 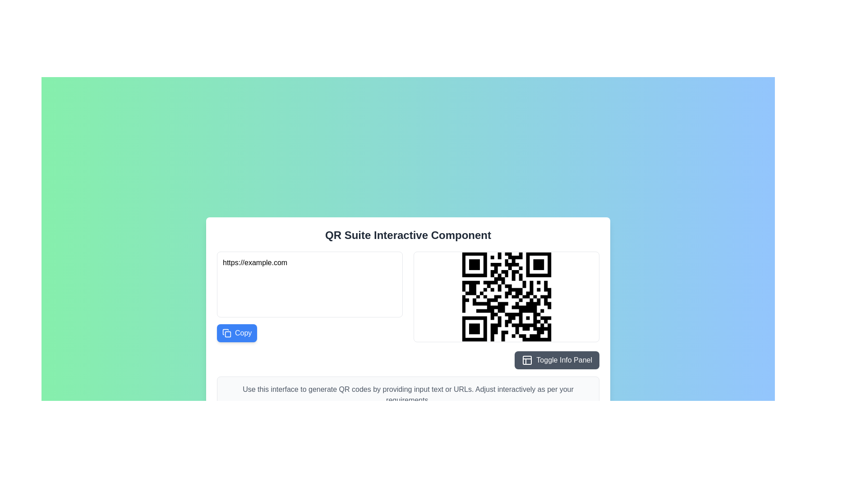 What do you see at coordinates (228, 334) in the screenshot?
I see `the small graphical icon element that is part of a larger UI icon, located below the text field labeled 'https://example.com' and adjacent to the blue button labeled 'Copy'` at bounding box center [228, 334].